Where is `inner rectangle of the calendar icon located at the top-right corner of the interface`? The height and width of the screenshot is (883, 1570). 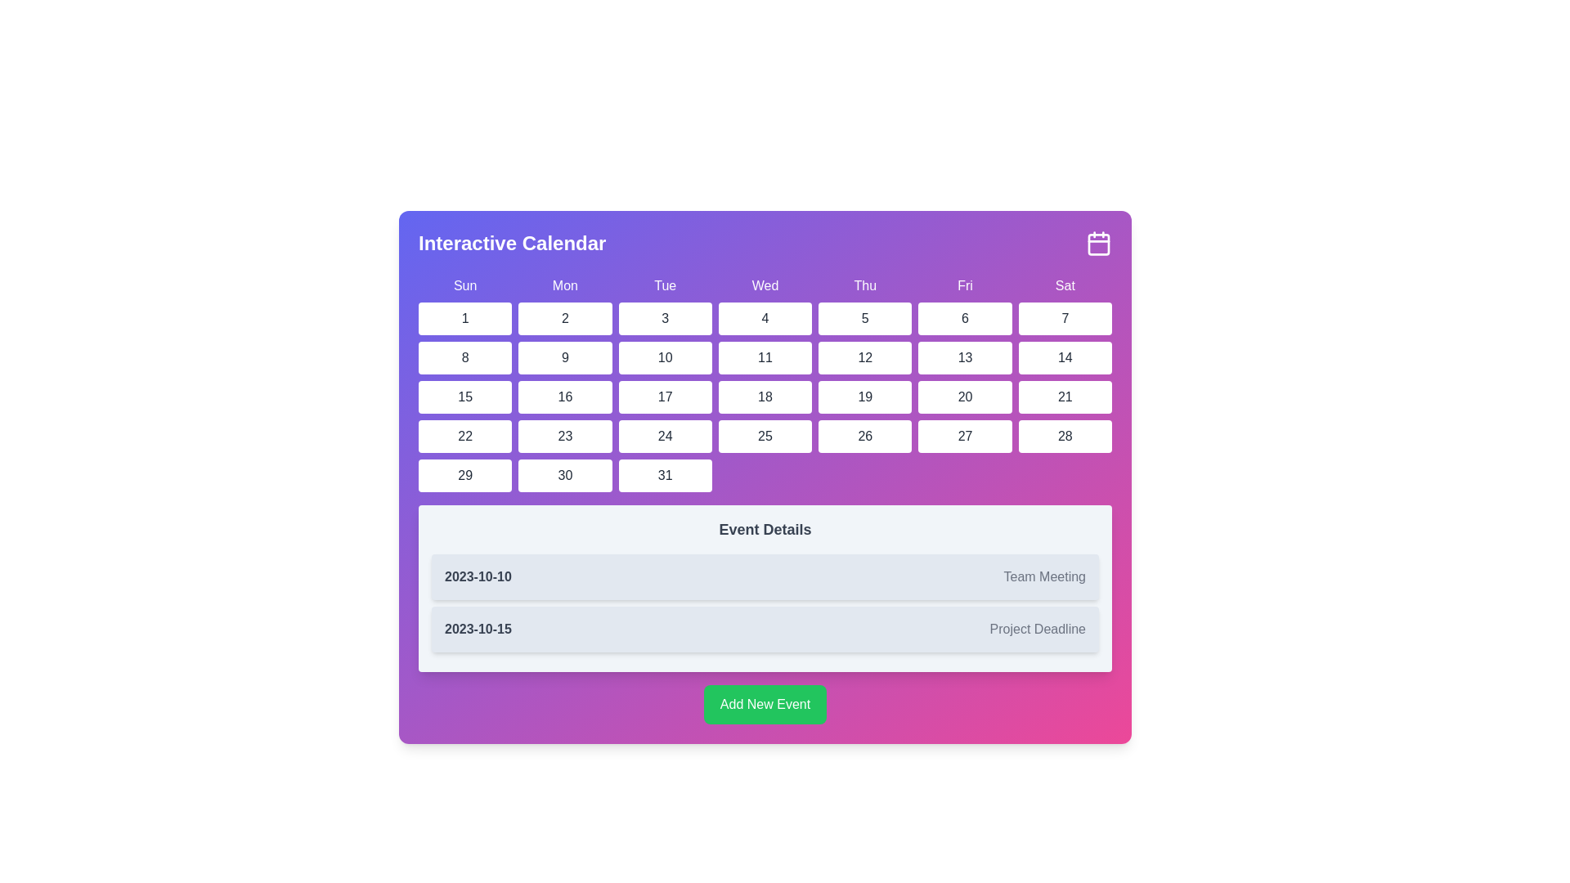
inner rectangle of the calendar icon located at the top-right corner of the interface is located at coordinates (1099, 244).